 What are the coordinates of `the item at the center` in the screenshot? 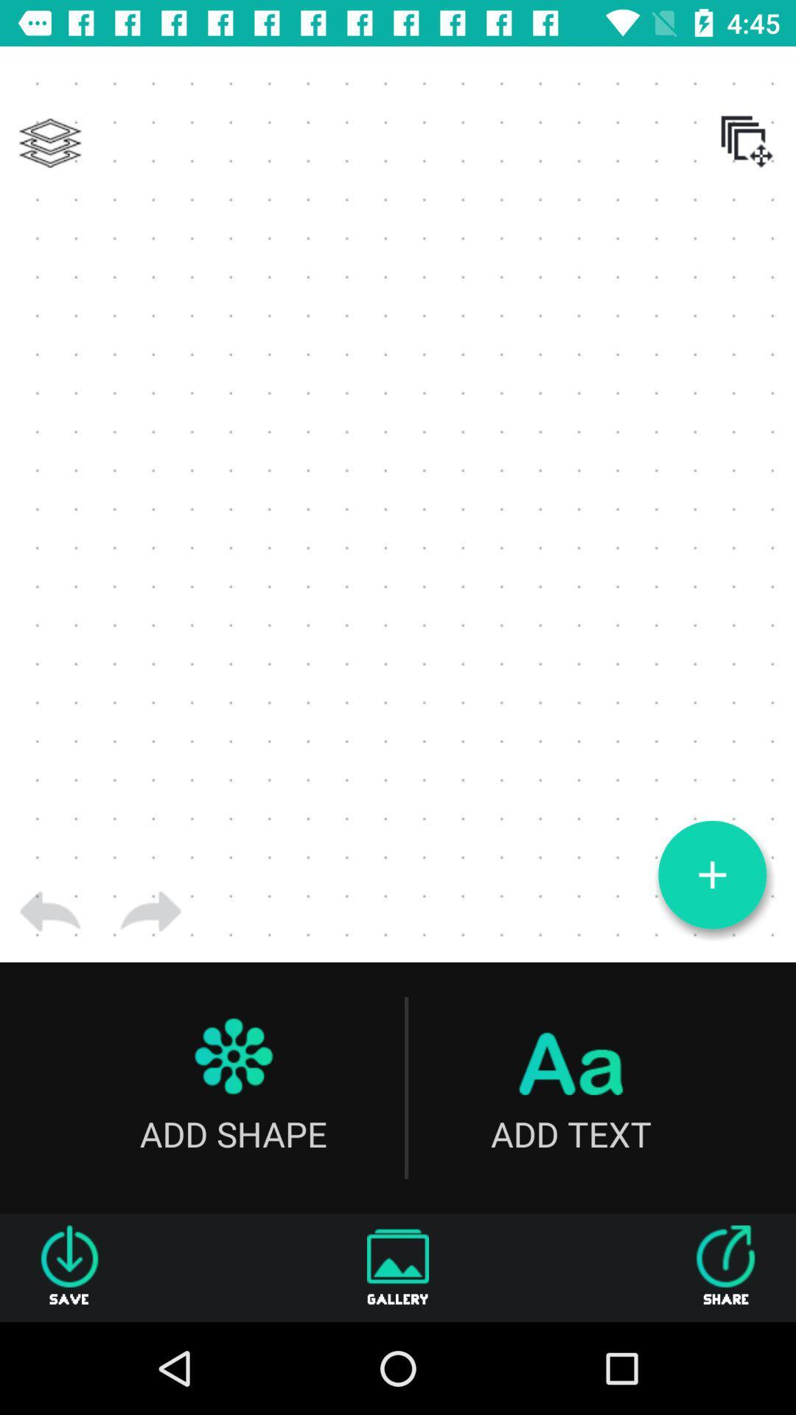 It's located at (398, 504).